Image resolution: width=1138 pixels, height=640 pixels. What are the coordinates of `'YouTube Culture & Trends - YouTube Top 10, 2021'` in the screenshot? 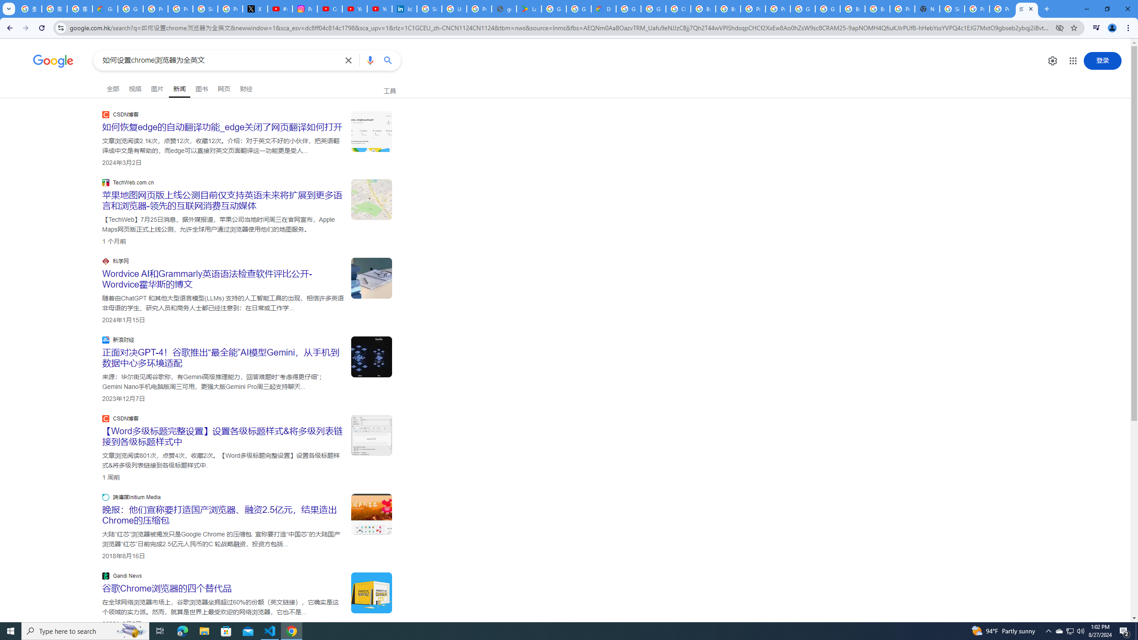 It's located at (379, 8).